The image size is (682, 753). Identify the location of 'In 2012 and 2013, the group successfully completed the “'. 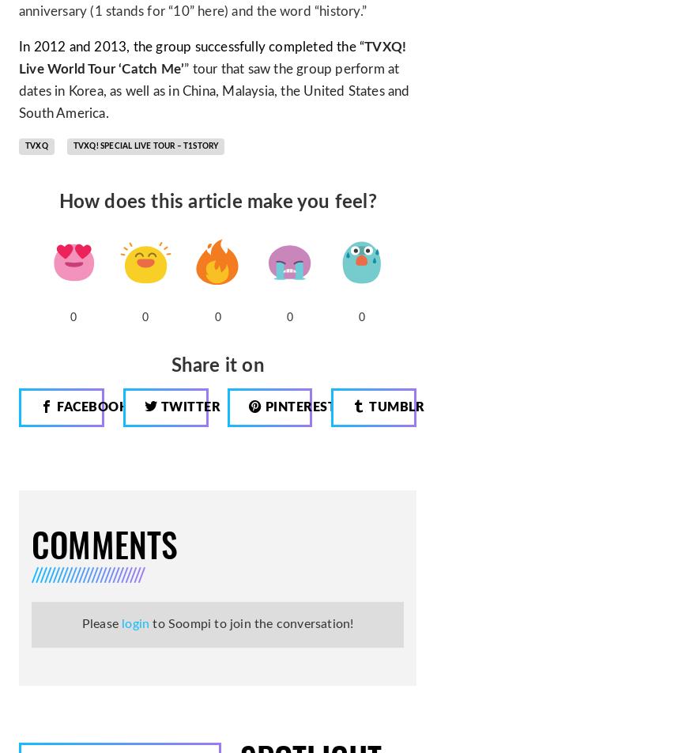
(18, 47).